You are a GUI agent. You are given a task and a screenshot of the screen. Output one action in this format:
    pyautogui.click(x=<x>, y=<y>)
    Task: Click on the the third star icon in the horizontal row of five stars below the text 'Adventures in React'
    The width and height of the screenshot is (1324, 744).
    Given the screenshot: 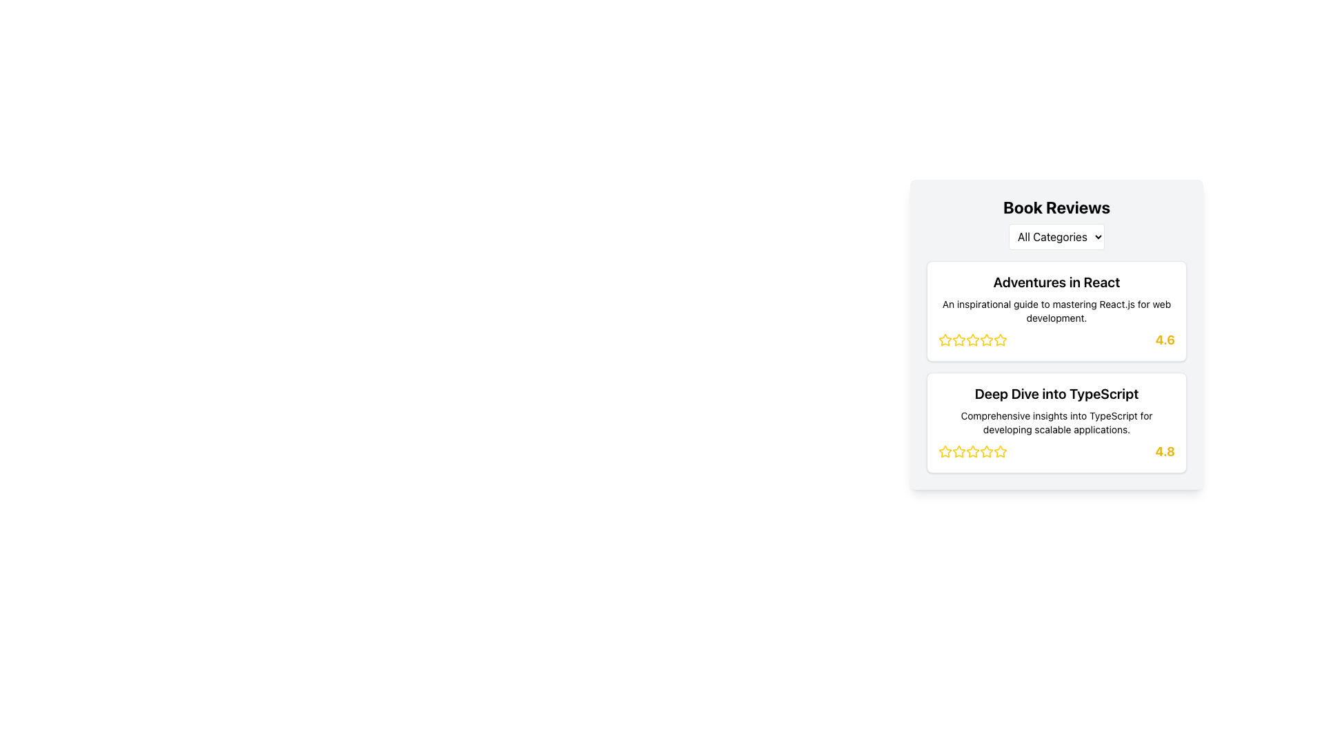 What is the action you would take?
    pyautogui.click(x=959, y=340)
    